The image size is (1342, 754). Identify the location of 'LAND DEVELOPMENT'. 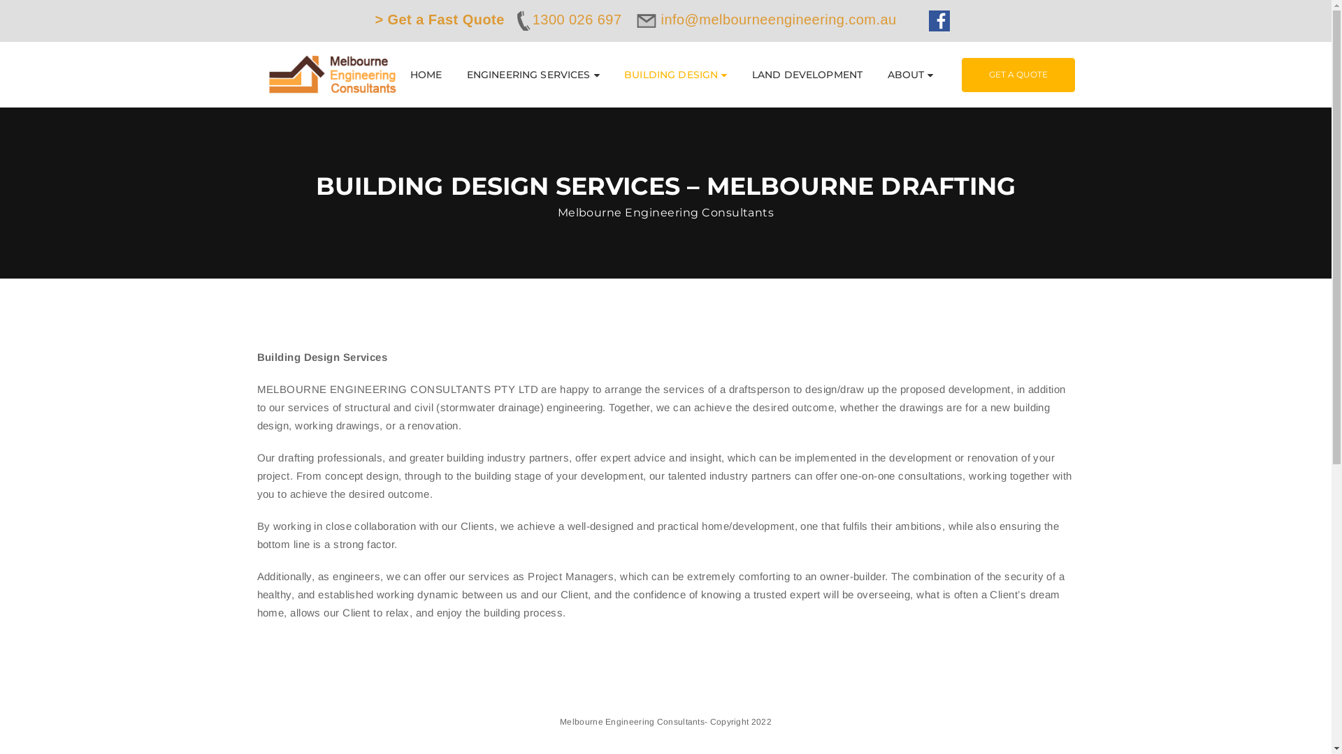
(807, 75).